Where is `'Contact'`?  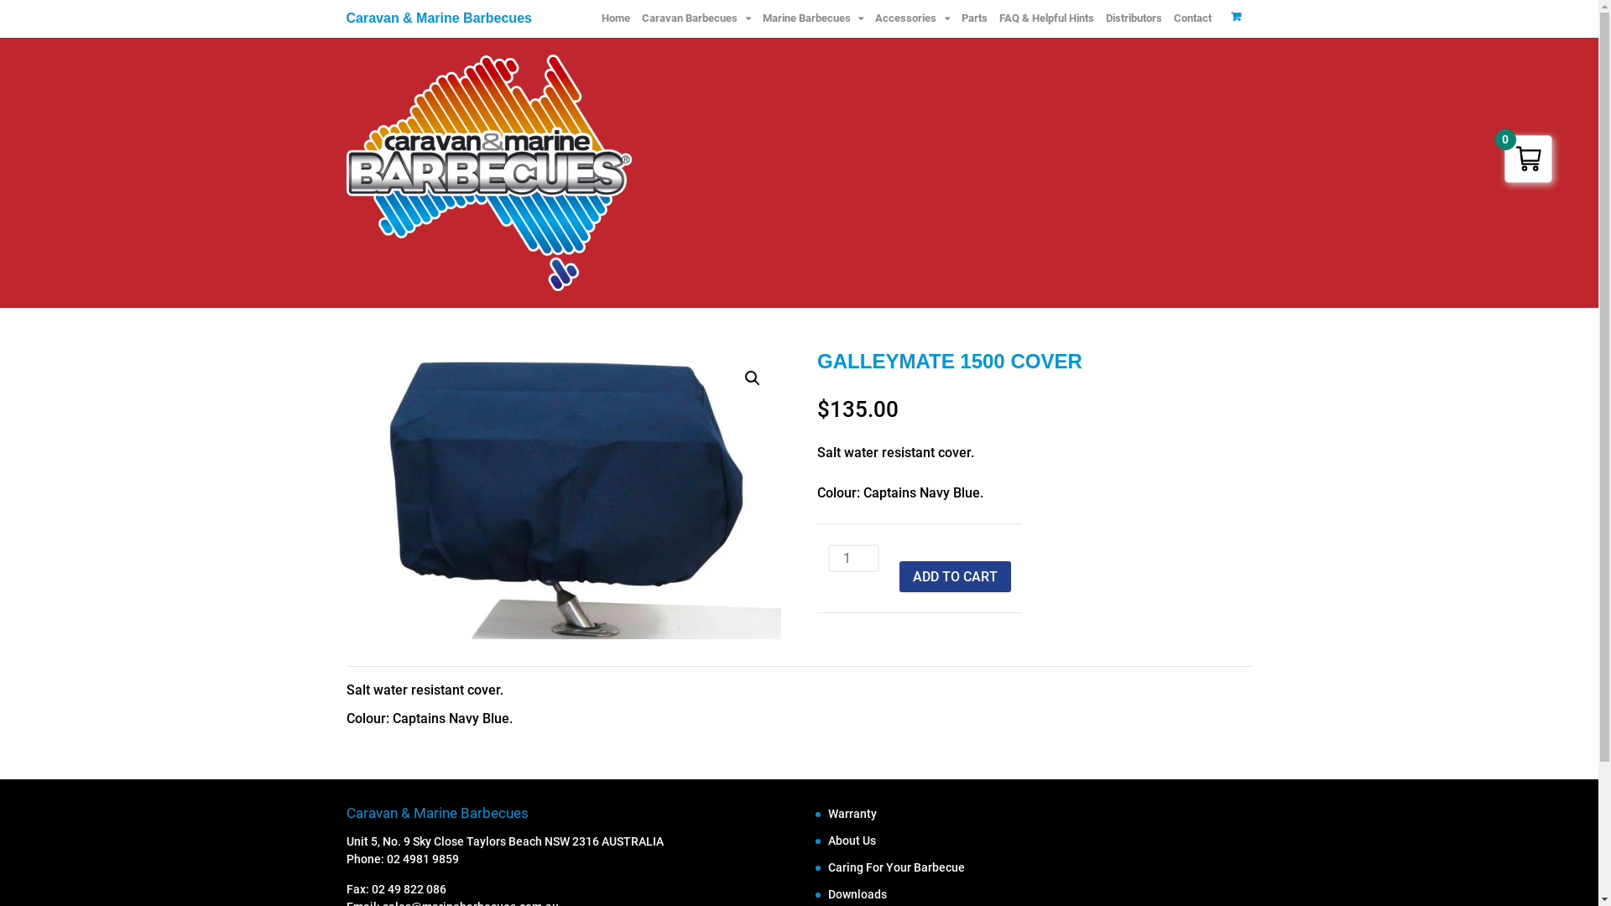 'Contact' is located at coordinates (1191, 18).